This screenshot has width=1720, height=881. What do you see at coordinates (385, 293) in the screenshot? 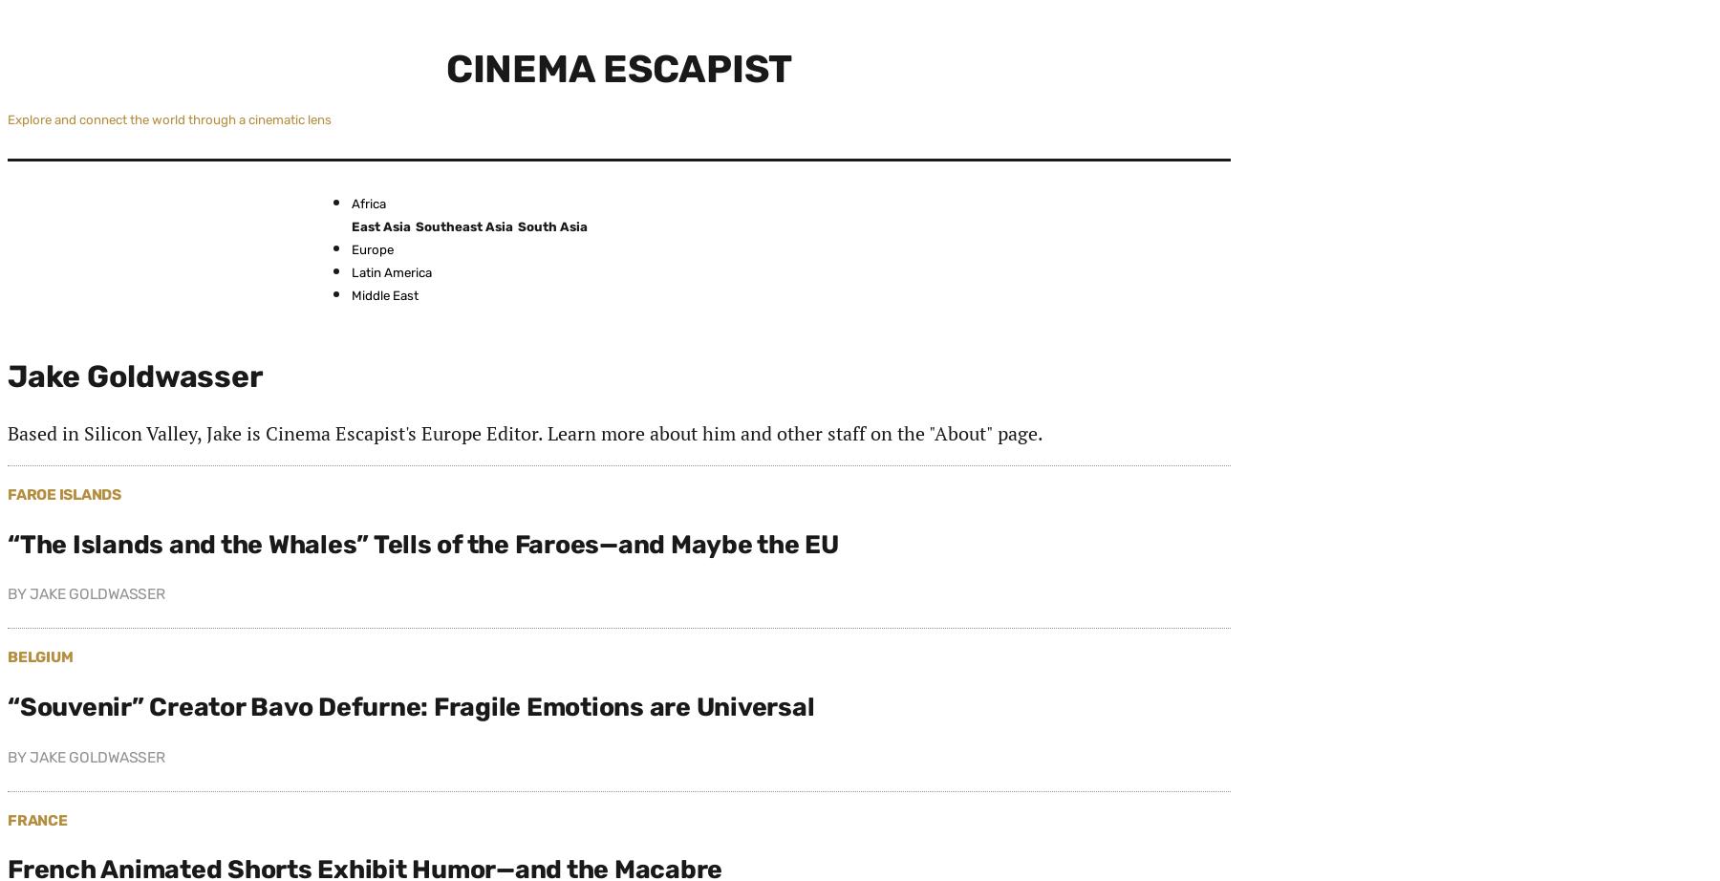
I see `'Middle East'` at bounding box center [385, 293].